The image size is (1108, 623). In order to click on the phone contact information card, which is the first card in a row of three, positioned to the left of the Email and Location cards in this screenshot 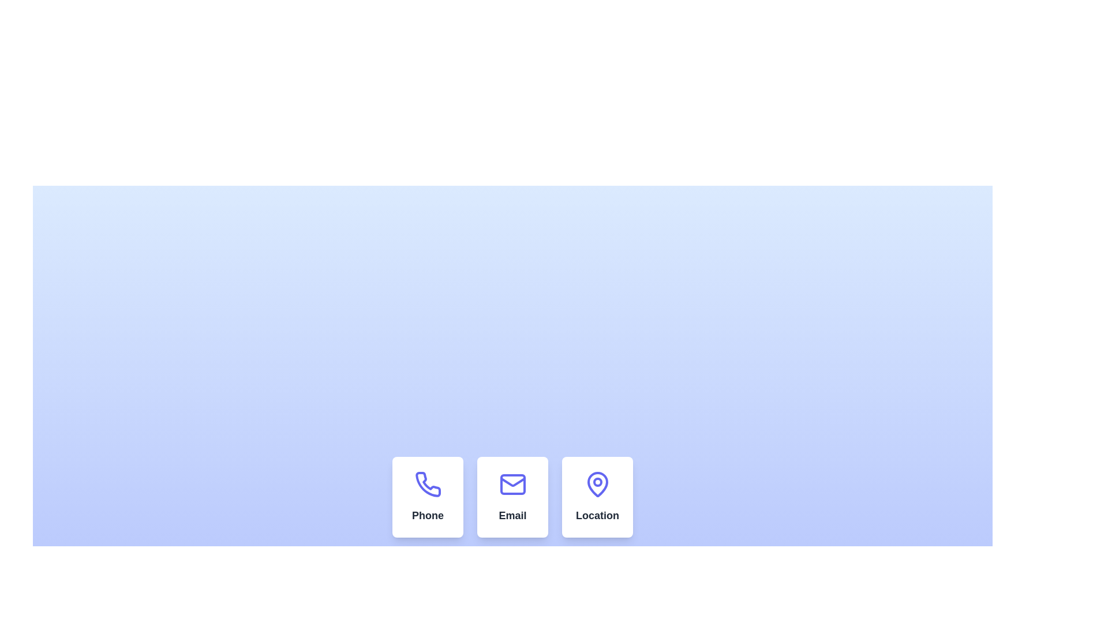, I will do `click(427, 496)`.